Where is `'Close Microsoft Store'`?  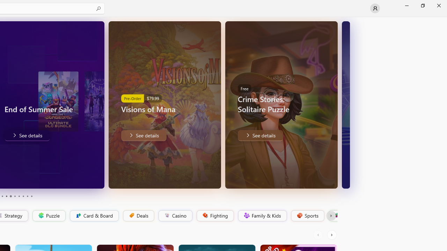 'Close Microsoft Store' is located at coordinates (438, 5).